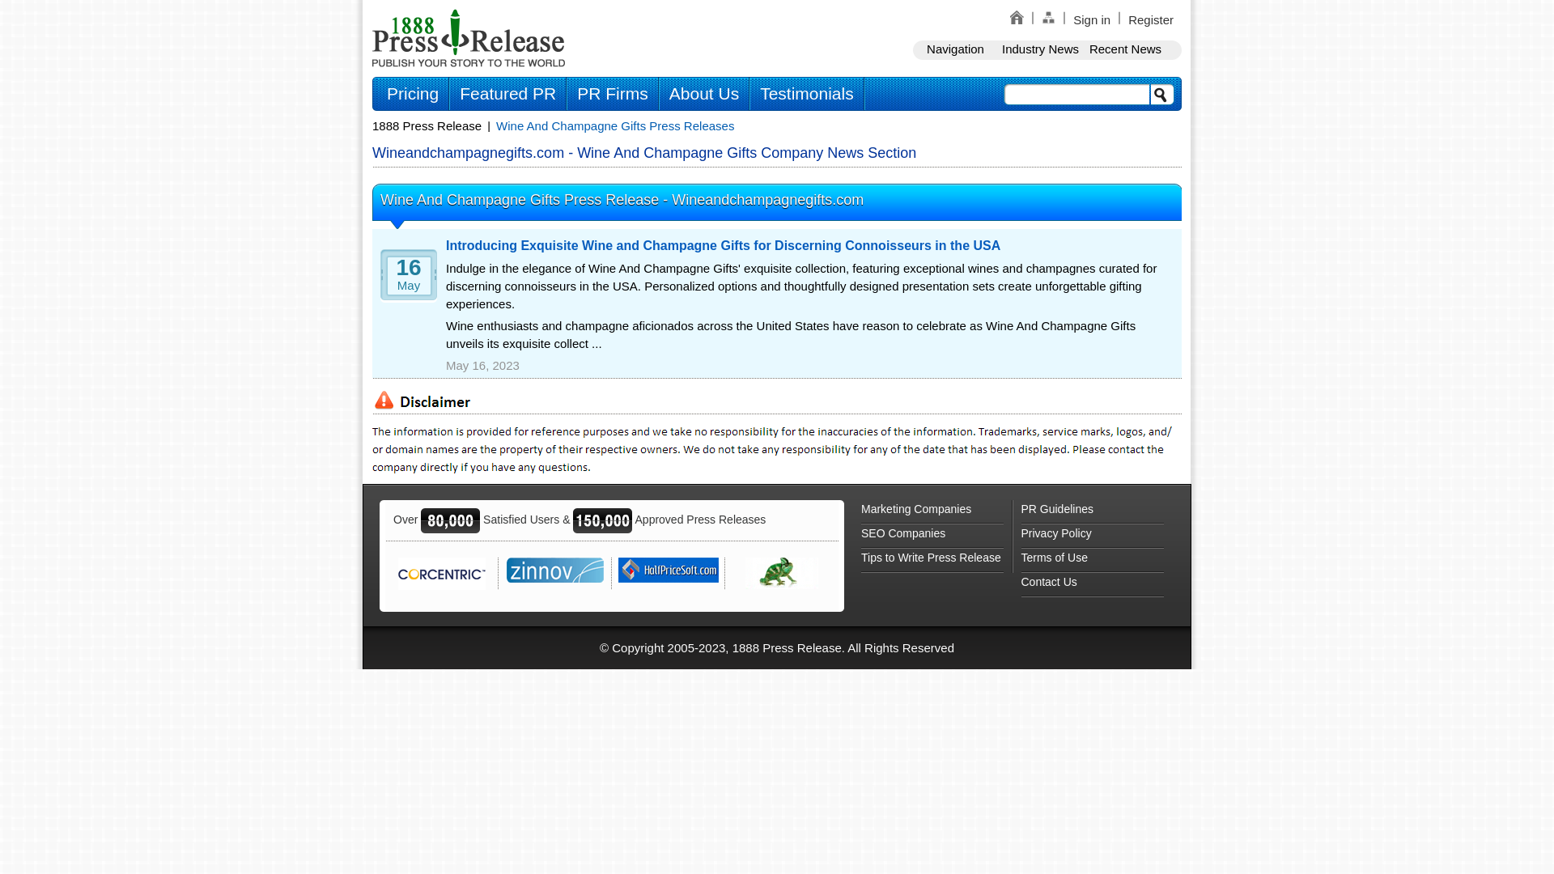  I want to click on 'Navigation', so click(913, 49).